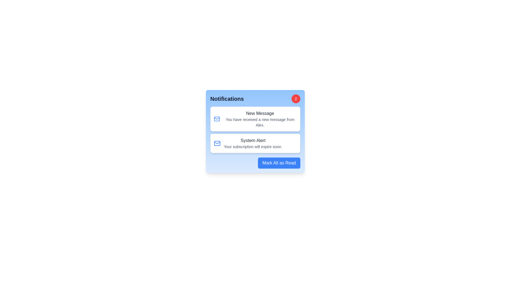  I want to click on text content of the 'System Alert' notification which indicates that 'Your subscription will expire soon.', so click(253, 143).